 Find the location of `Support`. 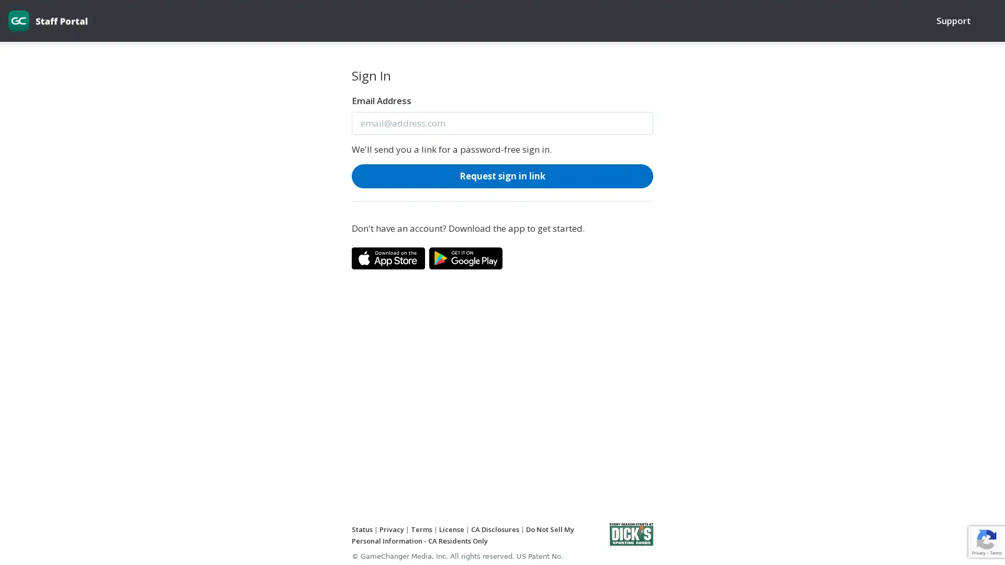

Support is located at coordinates (953, 20).